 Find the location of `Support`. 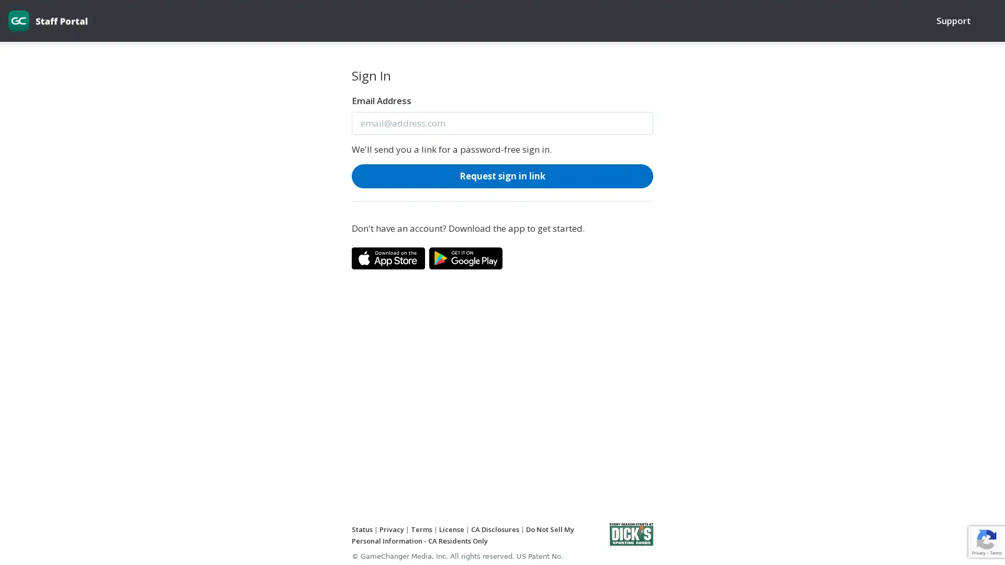

Support is located at coordinates (953, 20).